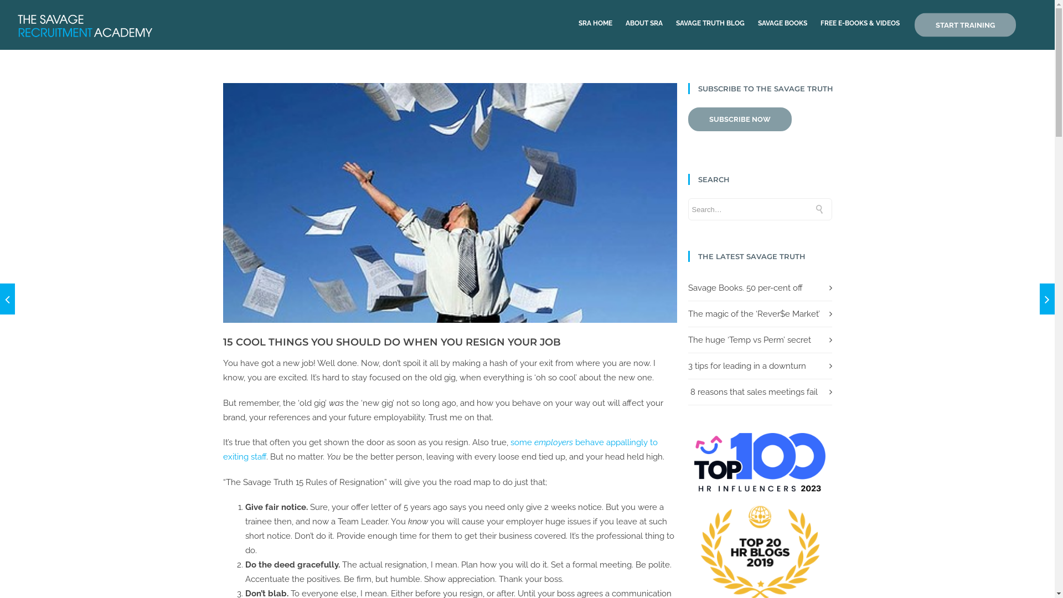 This screenshot has width=1063, height=598. What do you see at coordinates (739, 119) in the screenshot?
I see `'SUBSCRIBE NOW'` at bounding box center [739, 119].